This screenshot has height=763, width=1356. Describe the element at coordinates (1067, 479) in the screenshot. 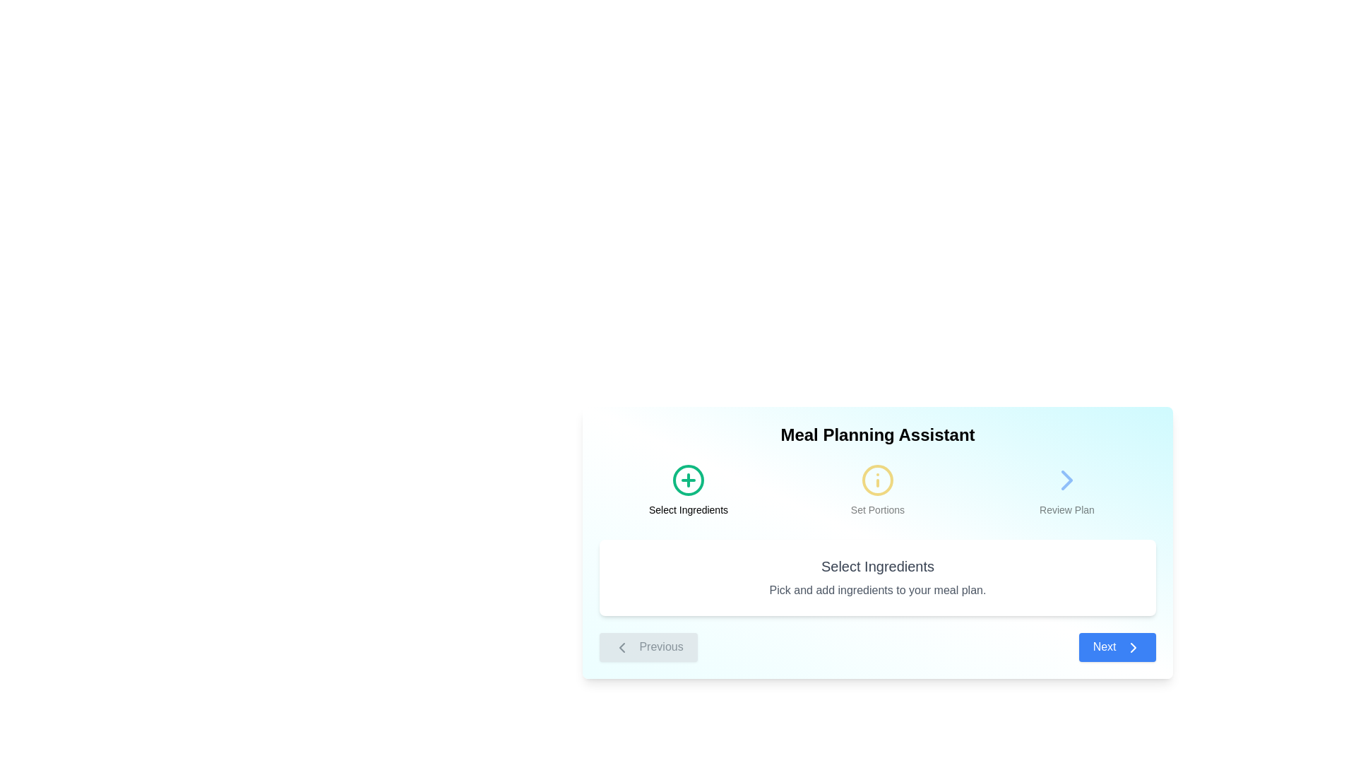

I see `the forward action icon located in the 'Review Plan' section, which is the third item in a triplet layout aligned with the text label below it` at that location.